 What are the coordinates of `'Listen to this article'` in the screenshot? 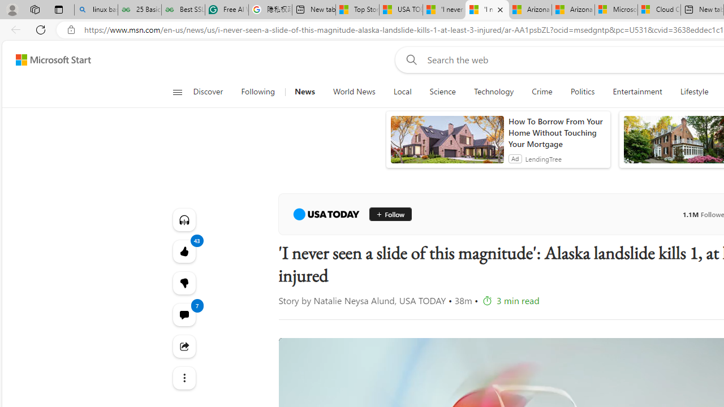 It's located at (184, 219).